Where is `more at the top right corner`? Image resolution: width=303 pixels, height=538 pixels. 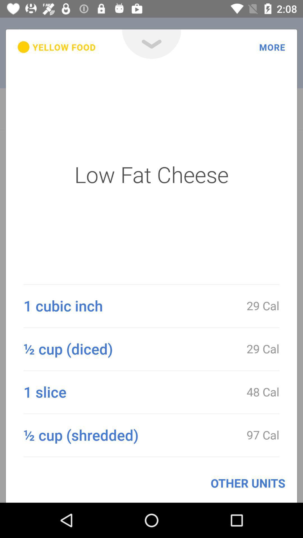 more at the top right corner is located at coordinates (272, 47).